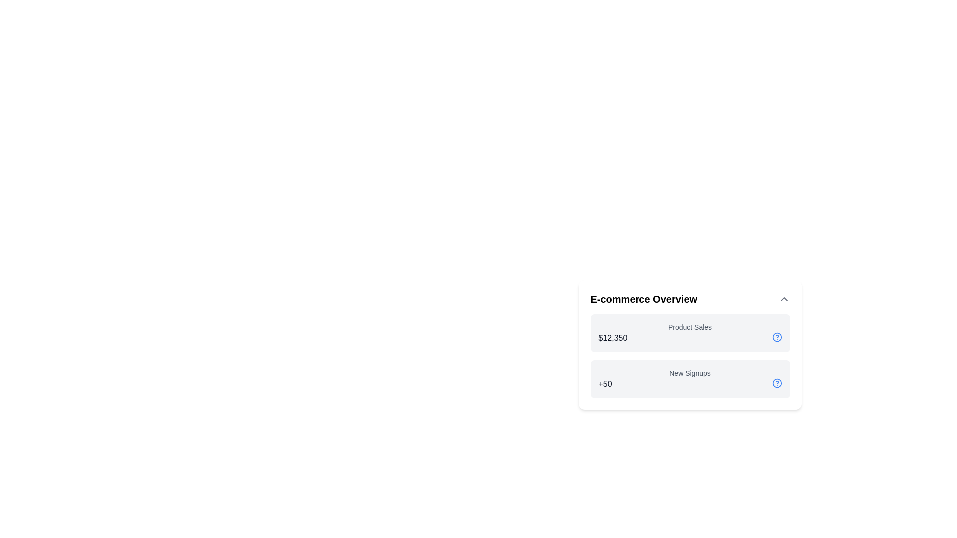 This screenshot has width=957, height=538. Describe the element at coordinates (689, 345) in the screenshot. I see `the rectangular panel with a white background labeled 'E-commerce Overview', which contains sections for 'Product Sales' and 'New Signups'` at that location.